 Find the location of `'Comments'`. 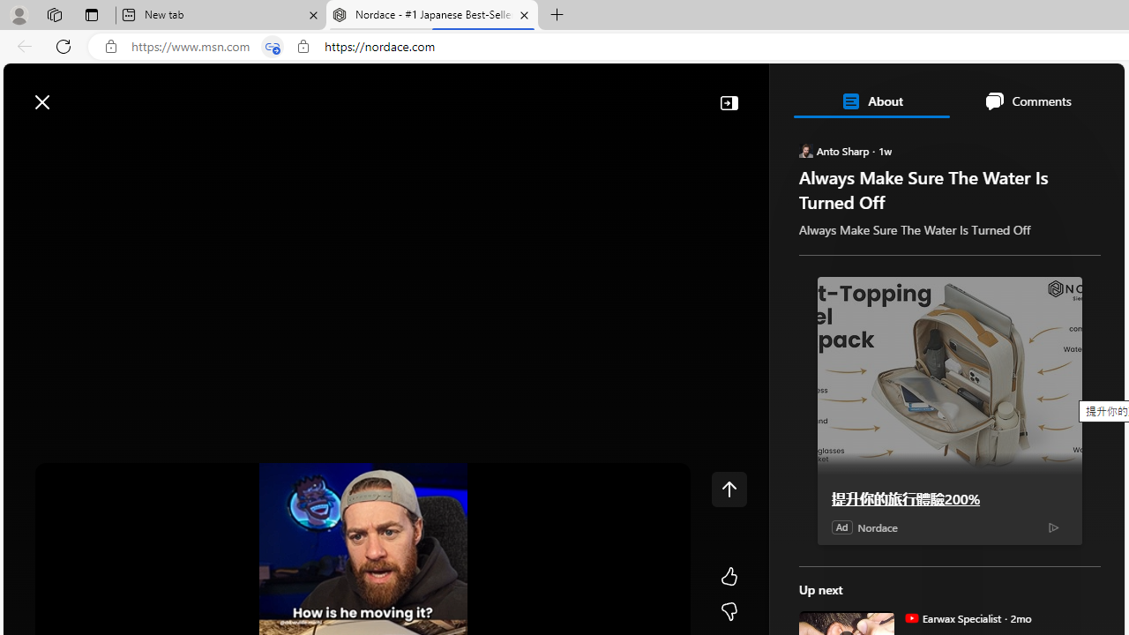

'Comments' is located at coordinates (1028, 101).